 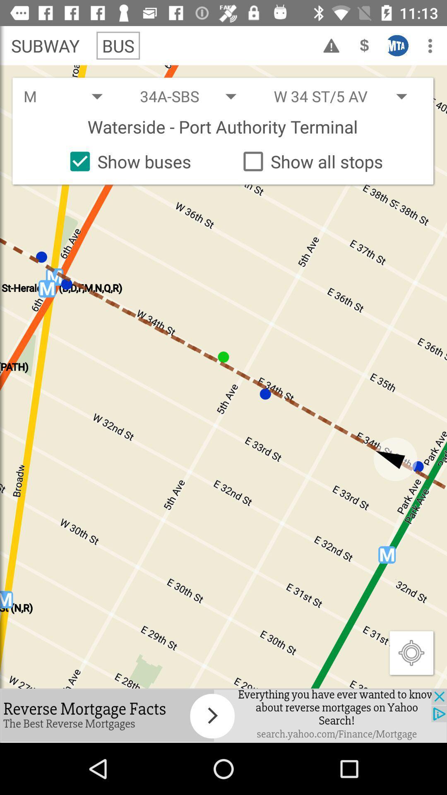 I want to click on the drop down box which has the text m, so click(x=70, y=96).